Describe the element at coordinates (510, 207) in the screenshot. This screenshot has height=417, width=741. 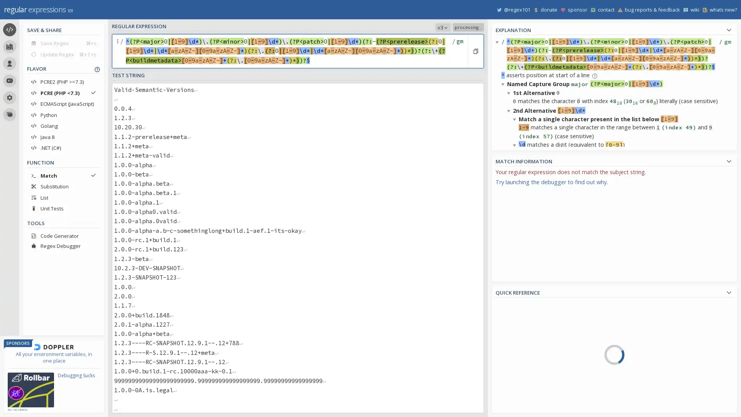
I see `Collapse Subtree` at that location.